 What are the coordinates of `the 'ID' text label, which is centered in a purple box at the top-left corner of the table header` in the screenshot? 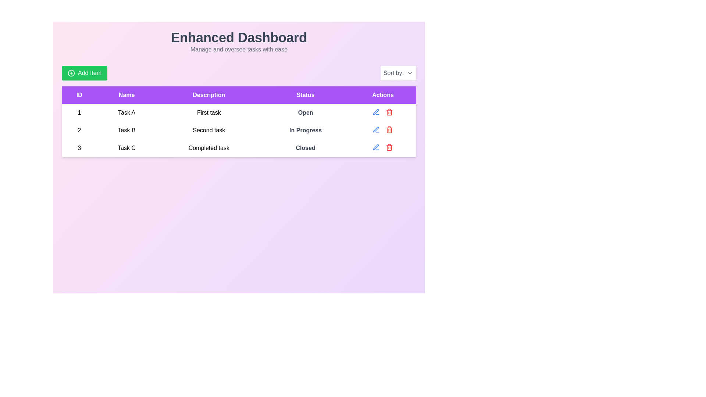 It's located at (79, 94).